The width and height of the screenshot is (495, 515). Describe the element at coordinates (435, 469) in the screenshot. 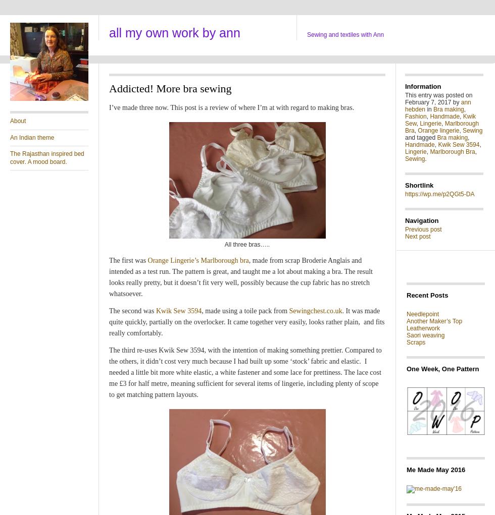

I see `'Me Made May 2016'` at that location.